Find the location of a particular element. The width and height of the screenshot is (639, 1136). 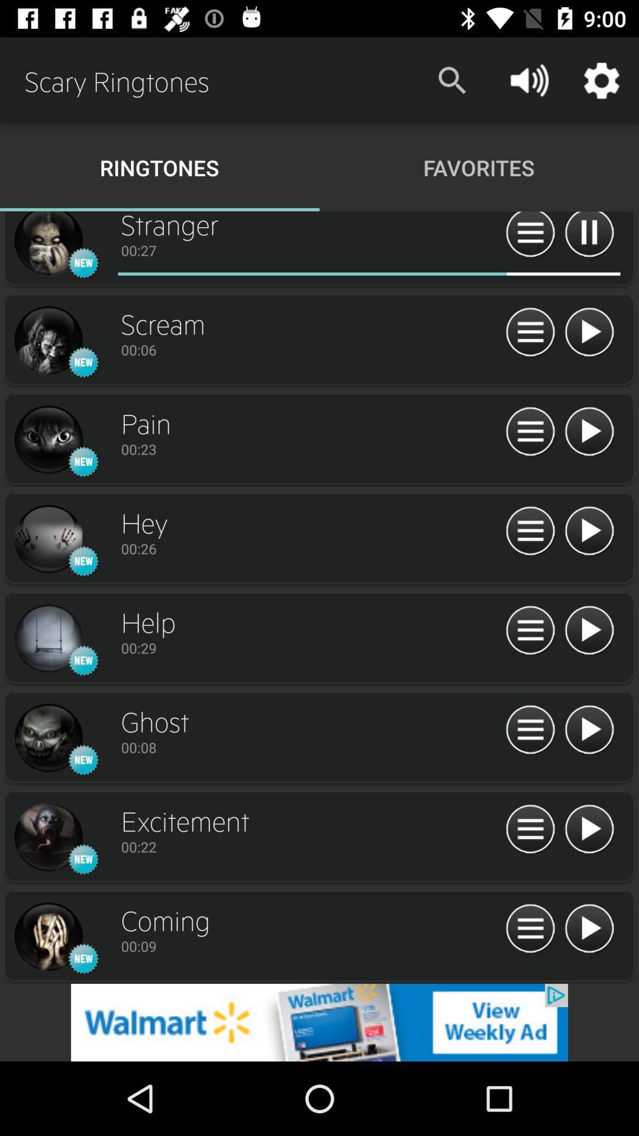

more options is located at coordinates (530, 236).